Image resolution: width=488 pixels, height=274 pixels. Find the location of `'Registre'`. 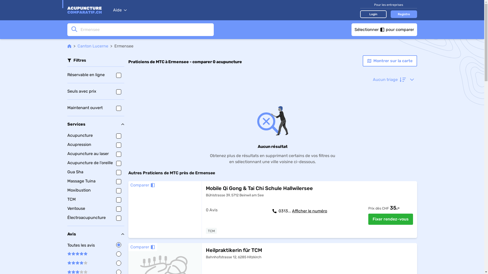

'Registre' is located at coordinates (403, 13).